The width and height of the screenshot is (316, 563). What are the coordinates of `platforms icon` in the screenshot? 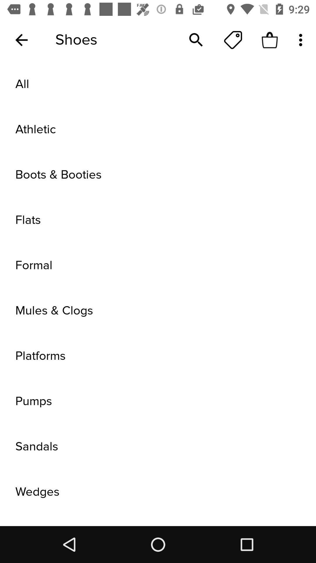 It's located at (158, 356).